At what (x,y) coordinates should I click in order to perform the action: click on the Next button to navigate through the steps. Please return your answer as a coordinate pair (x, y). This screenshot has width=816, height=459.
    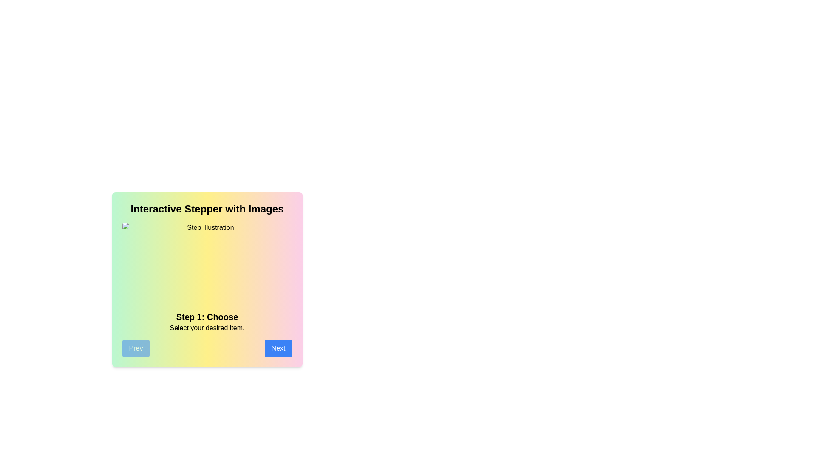
    Looking at the image, I should click on (278, 348).